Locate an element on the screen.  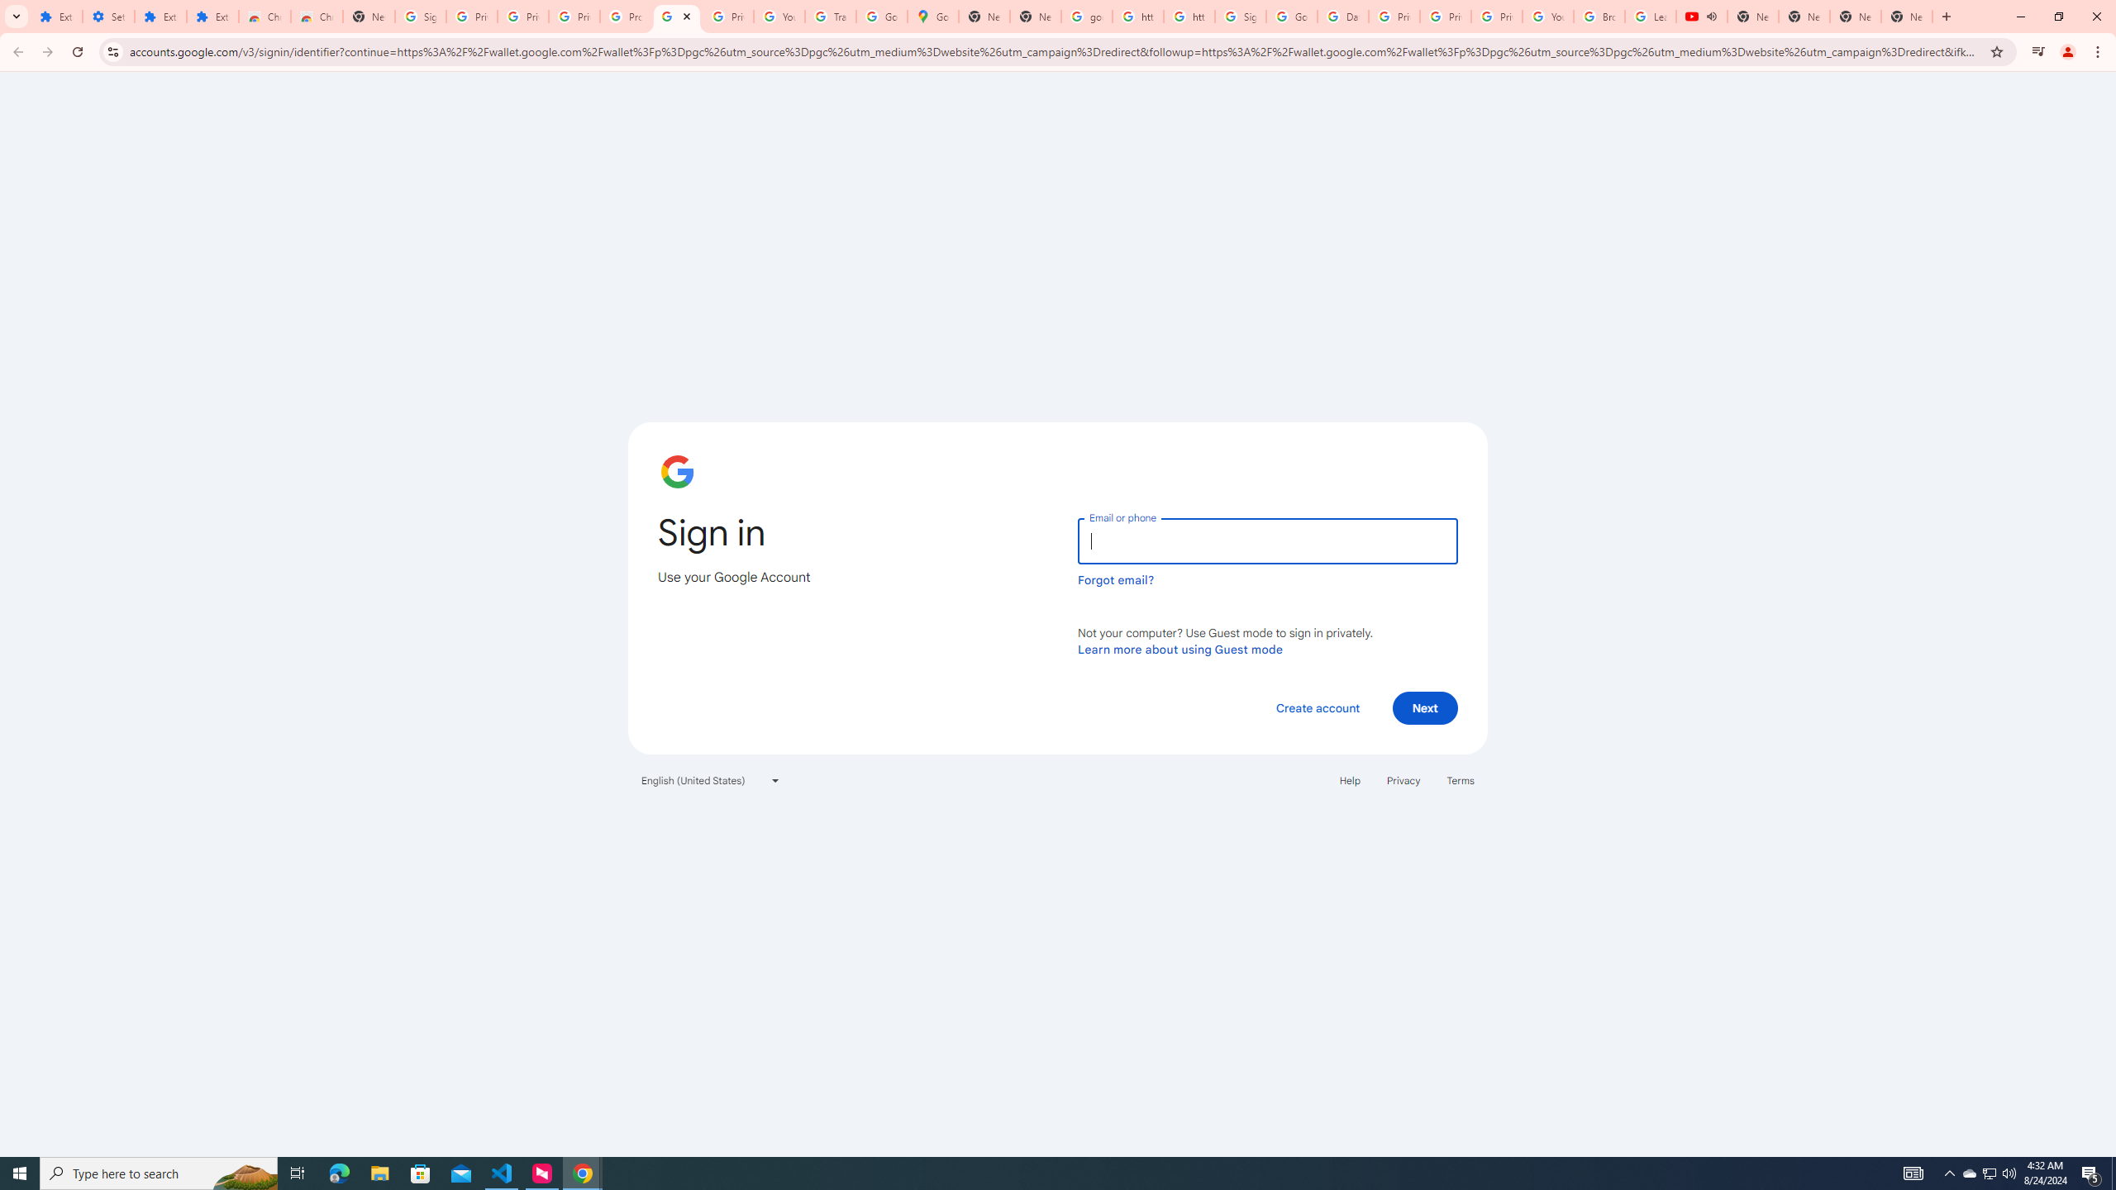
'Chrome Web Store' is located at coordinates (264, 16).